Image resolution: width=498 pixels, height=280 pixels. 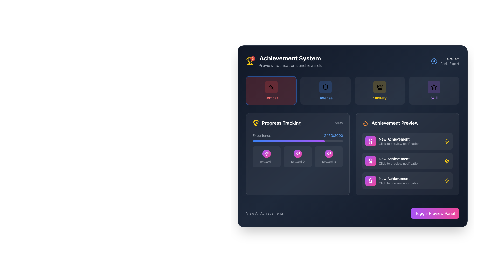 What do you see at coordinates (434, 61) in the screenshot?
I see `the arc segment of the gauge-like icon located at the top-right corner of the interface, next to the text 'Level 42 Rank: Expert'` at bounding box center [434, 61].